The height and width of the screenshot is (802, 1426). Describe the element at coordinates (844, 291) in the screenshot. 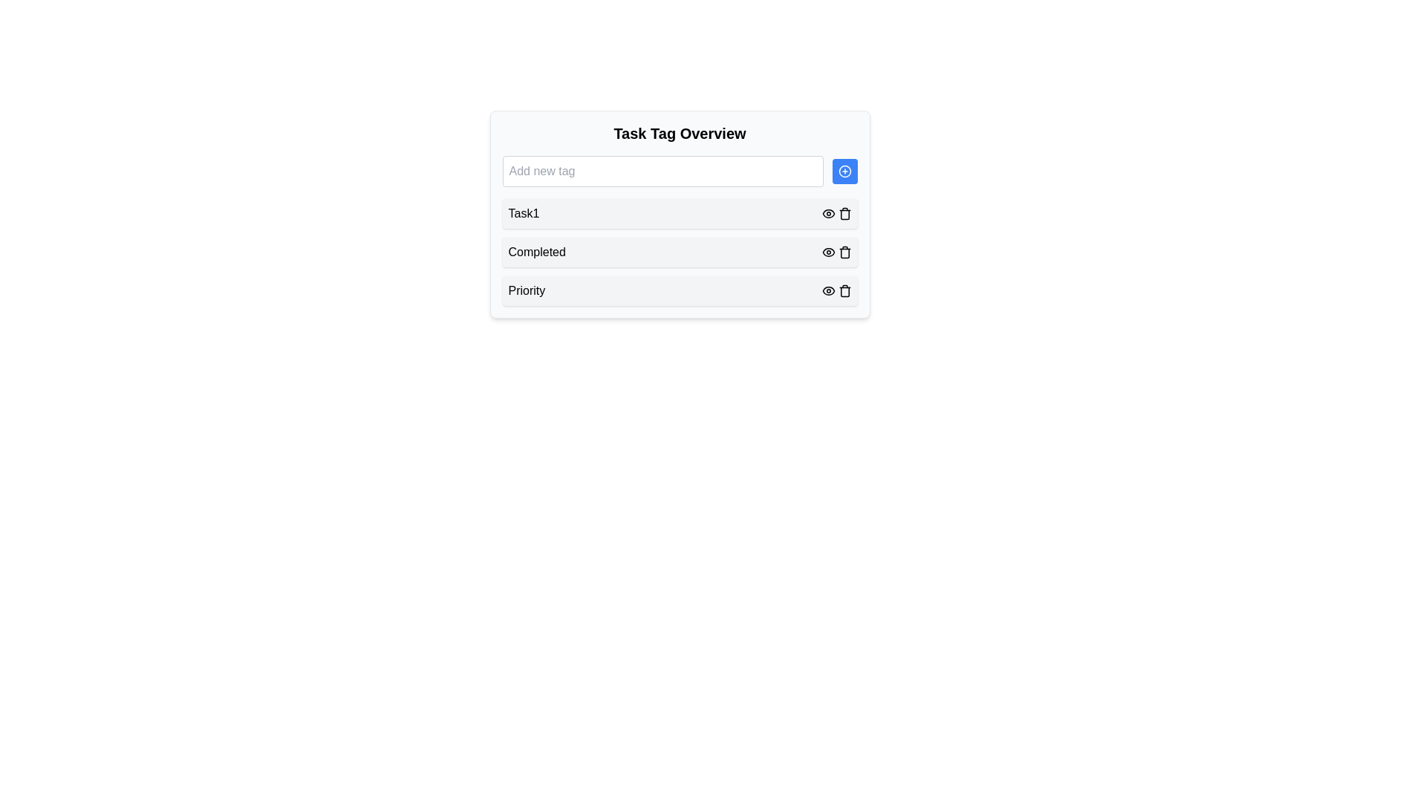

I see `the trash can icon representing the delete action` at that location.